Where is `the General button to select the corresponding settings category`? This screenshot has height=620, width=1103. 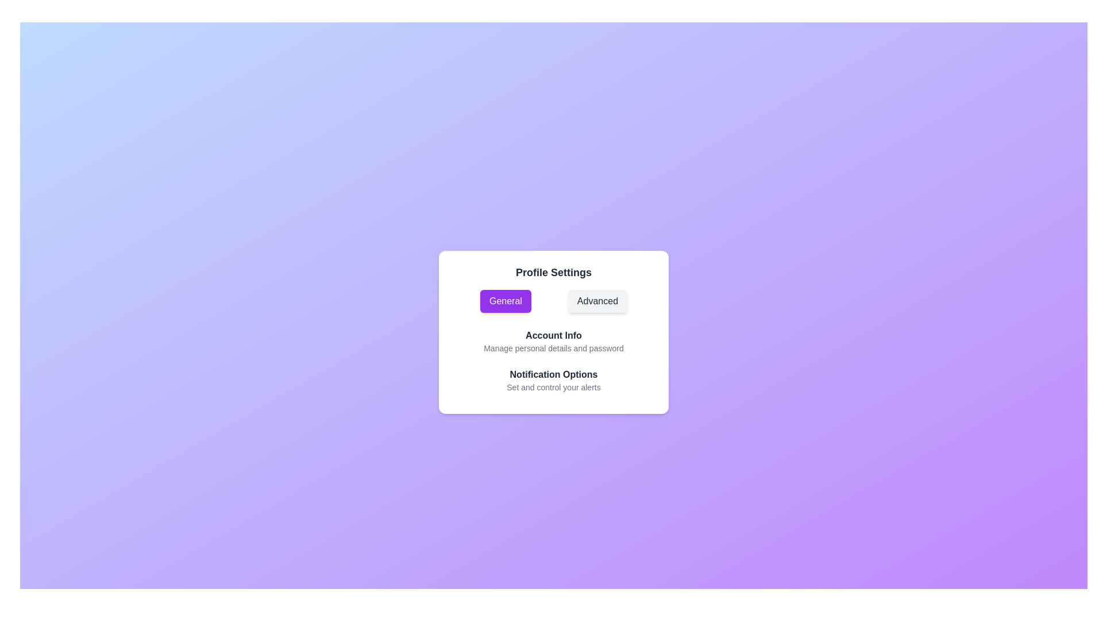
the General button to select the corresponding settings category is located at coordinates (505, 300).